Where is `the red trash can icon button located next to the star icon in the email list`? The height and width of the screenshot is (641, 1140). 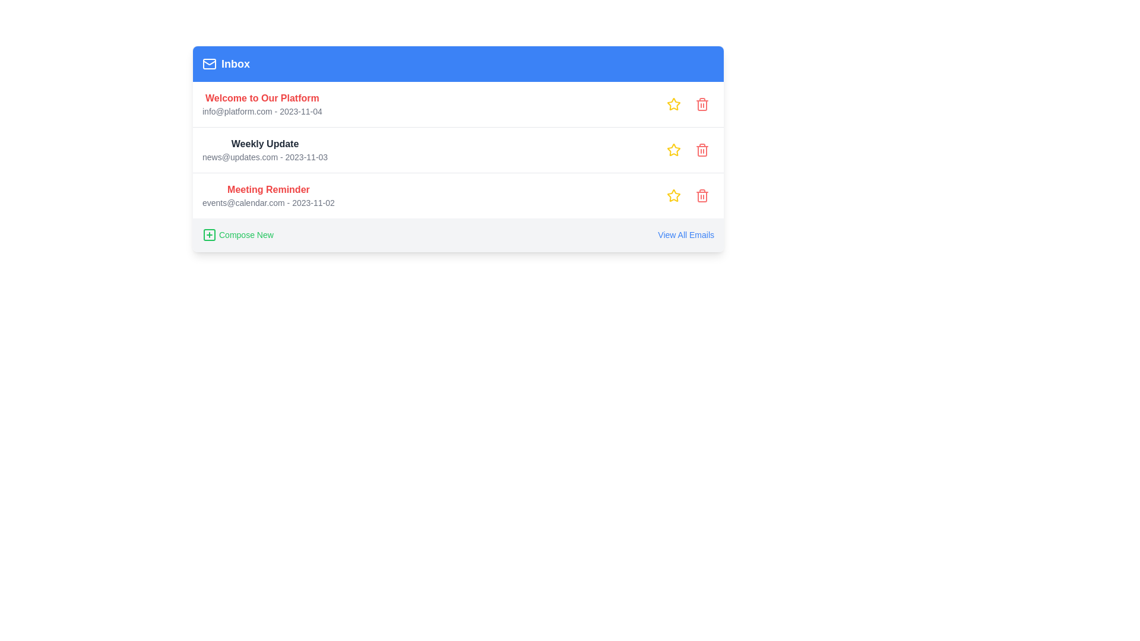 the red trash can icon button located next to the star icon in the email list is located at coordinates (702, 150).